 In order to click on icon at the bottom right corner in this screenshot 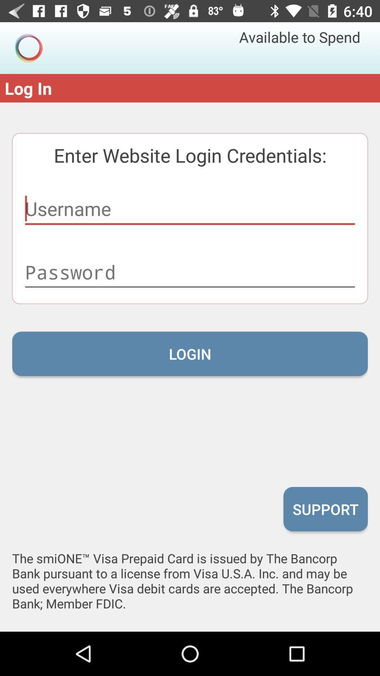, I will do `click(325, 509)`.